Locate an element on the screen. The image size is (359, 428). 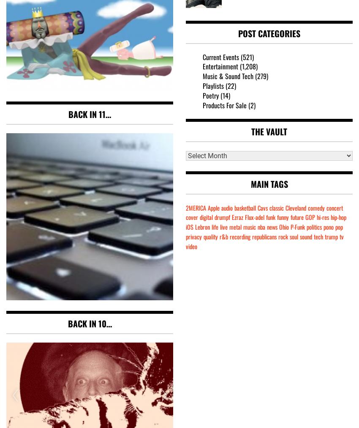
'rock' is located at coordinates (283, 236).